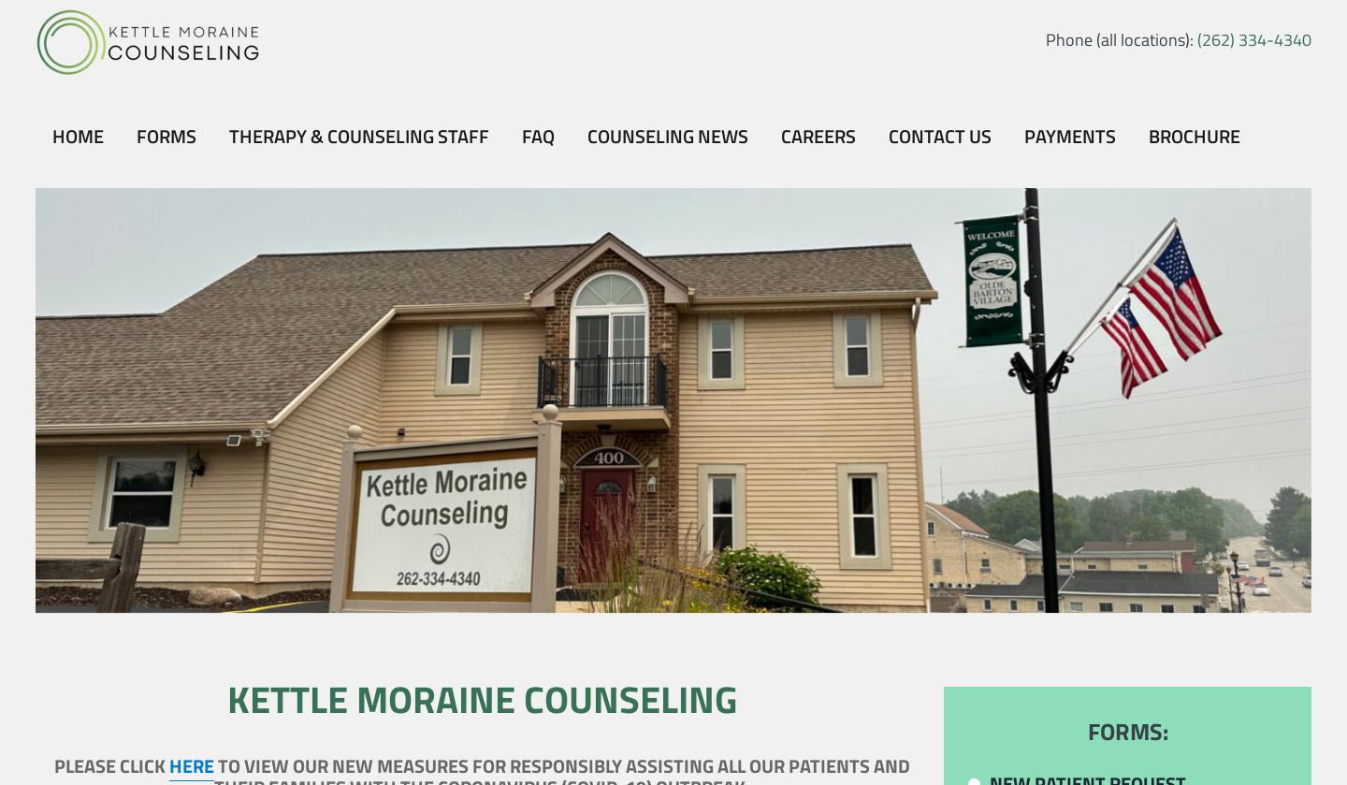  Describe the element at coordinates (1125, 731) in the screenshot. I see `'Forms:'` at that location.